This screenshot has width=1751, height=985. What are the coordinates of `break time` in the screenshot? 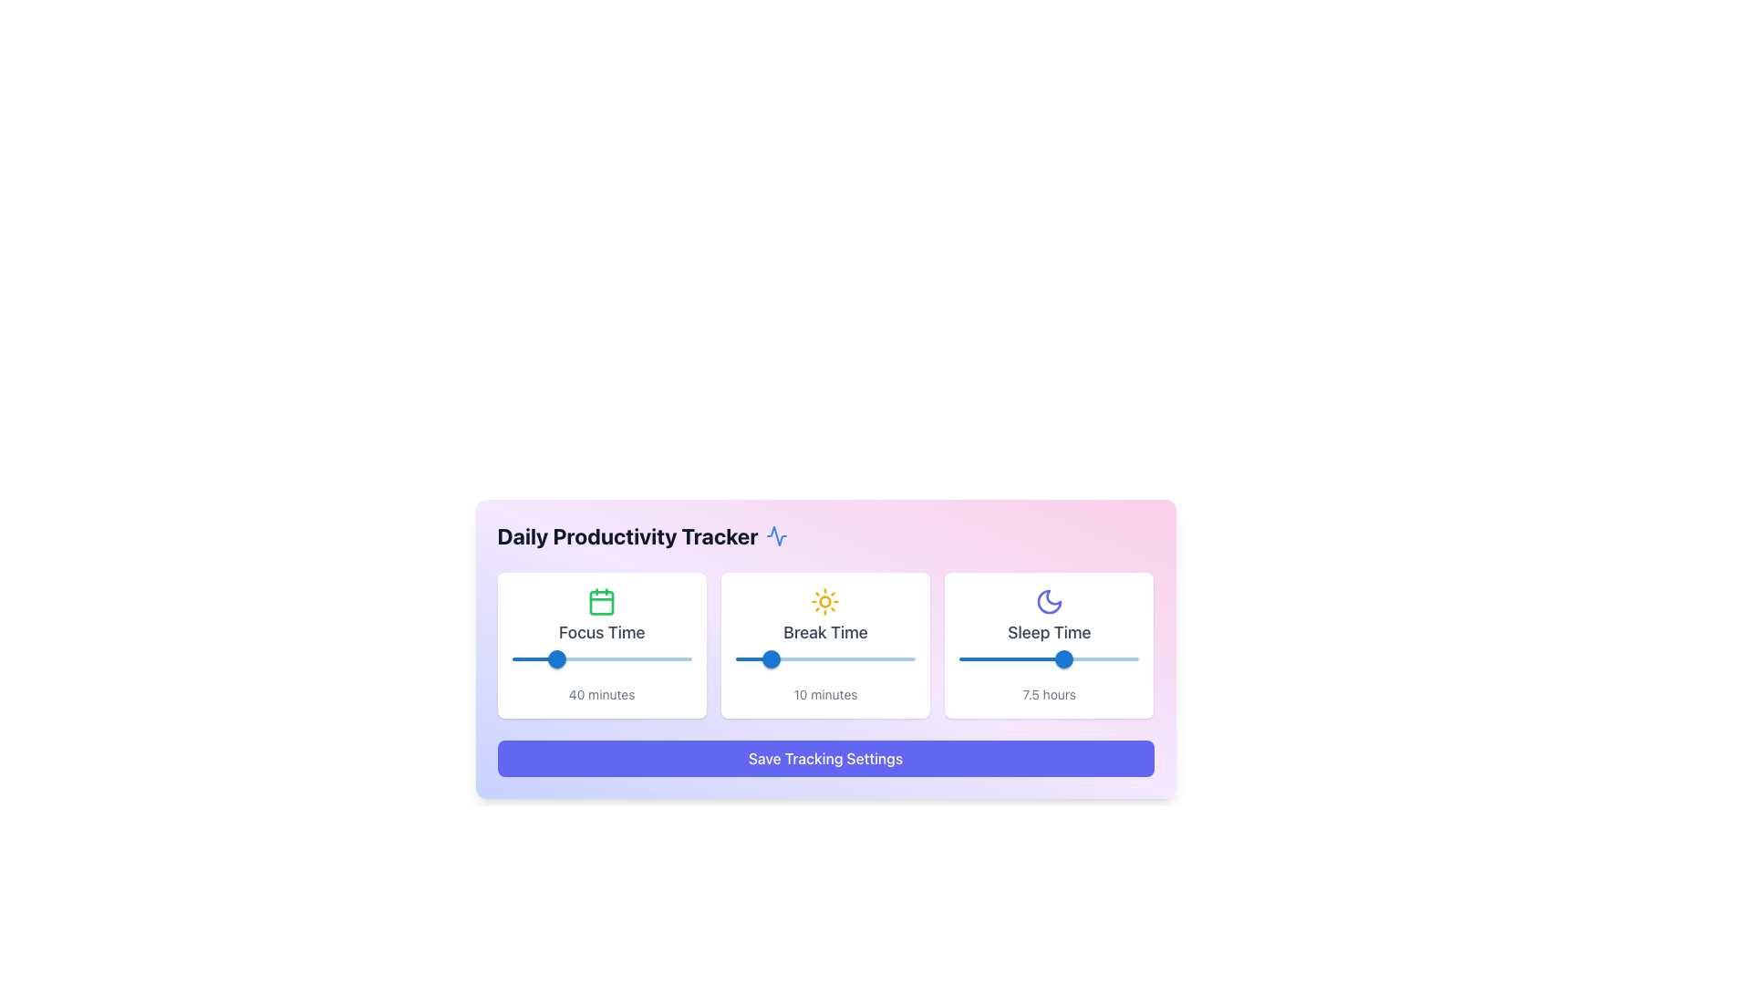 It's located at (815, 658).